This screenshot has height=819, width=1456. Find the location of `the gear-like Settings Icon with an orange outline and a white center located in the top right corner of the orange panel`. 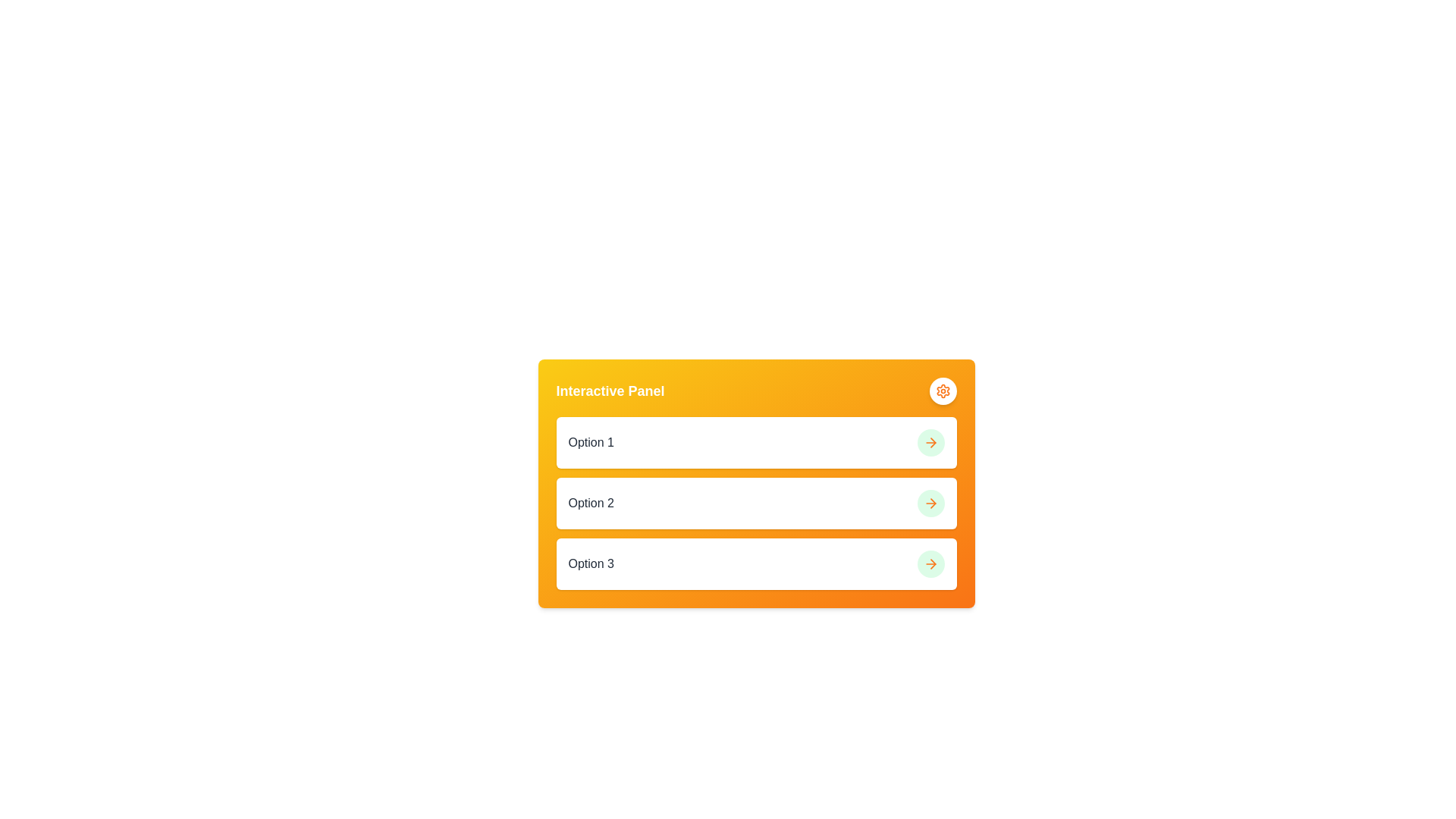

the gear-like Settings Icon with an orange outline and a white center located in the top right corner of the orange panel is located at coordinates (942, 391).